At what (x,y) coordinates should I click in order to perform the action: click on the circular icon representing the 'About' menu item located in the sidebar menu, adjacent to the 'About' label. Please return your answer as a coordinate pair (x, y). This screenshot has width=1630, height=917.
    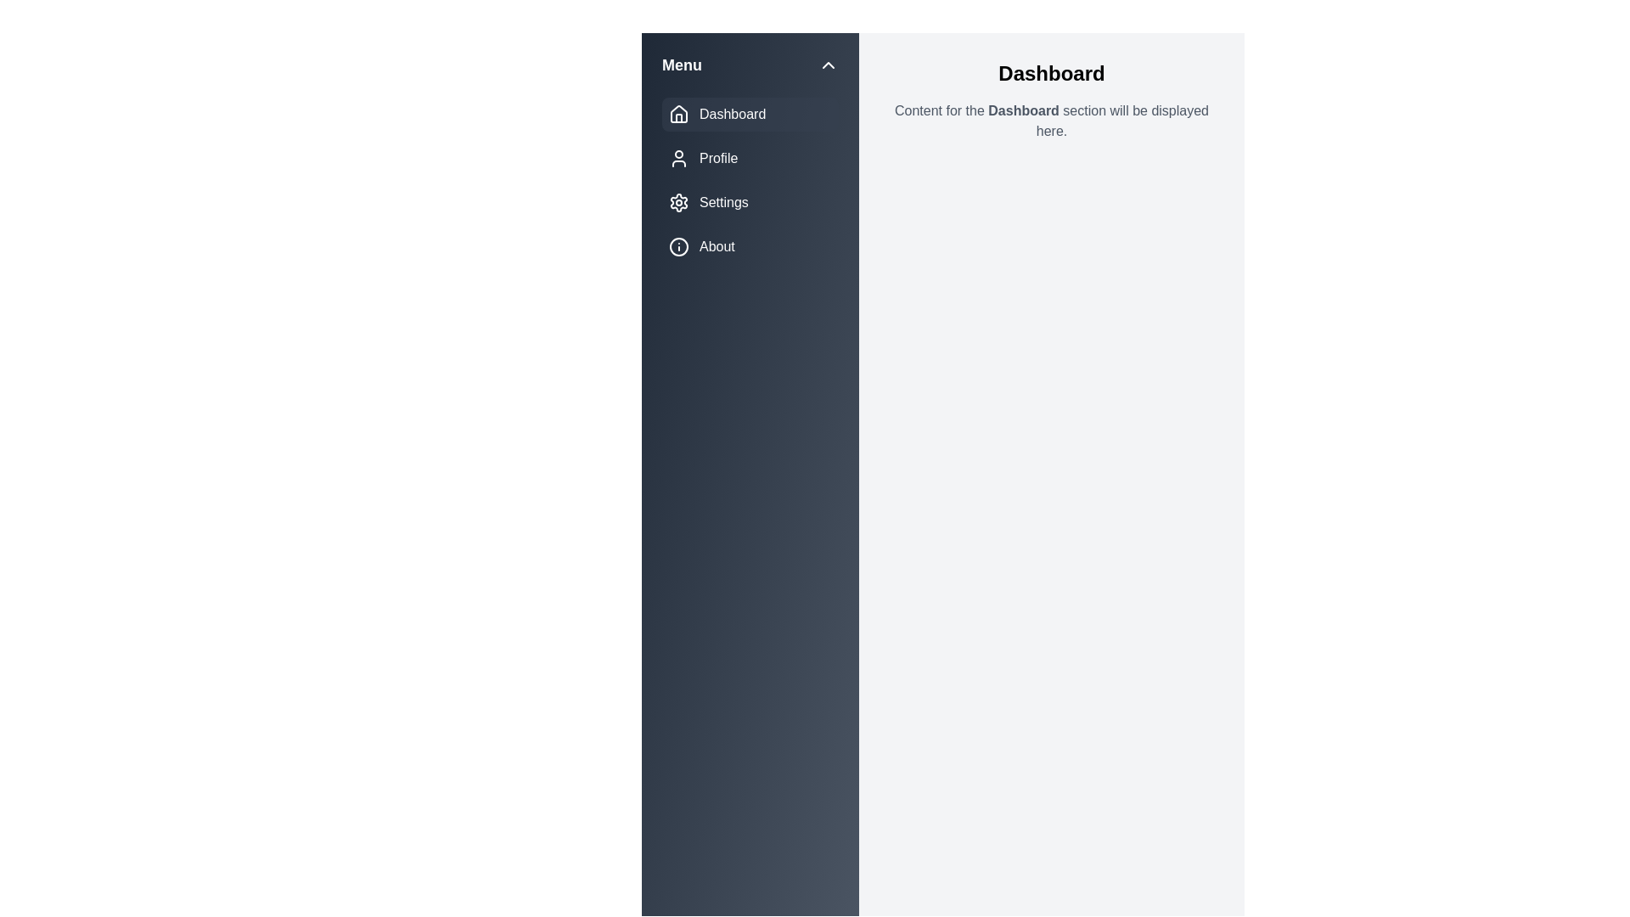
    Looking at the image, I should click on (679, 246).